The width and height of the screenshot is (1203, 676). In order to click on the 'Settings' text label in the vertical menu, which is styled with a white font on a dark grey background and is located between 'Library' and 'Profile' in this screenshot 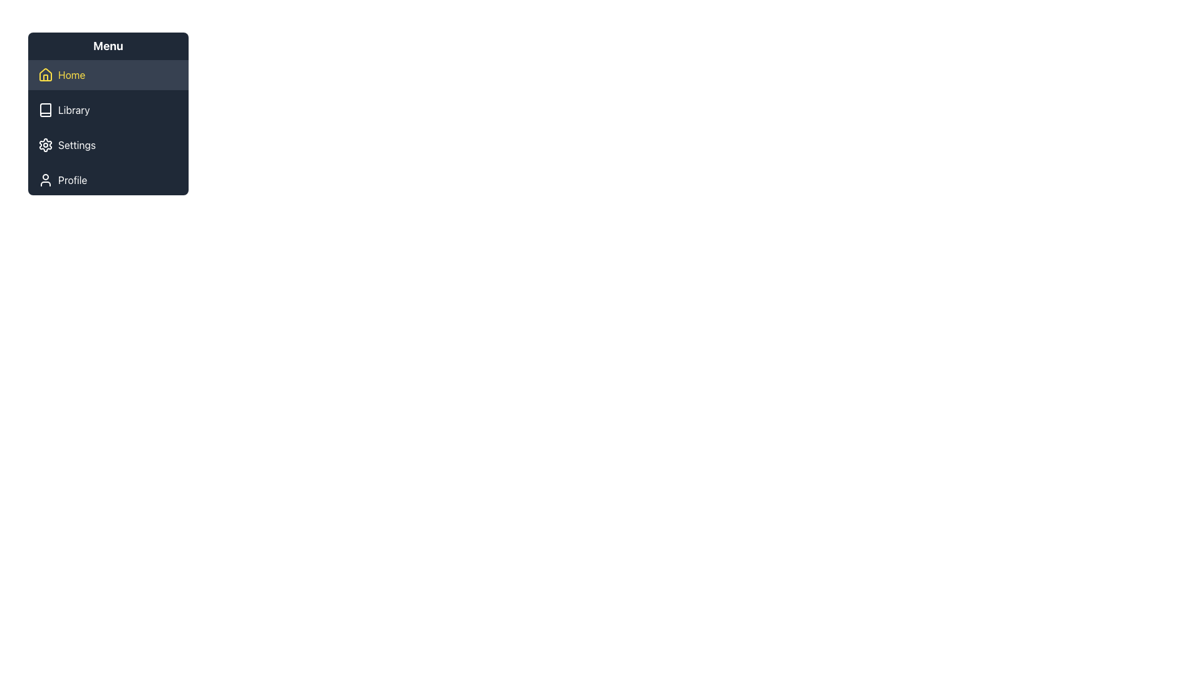, I will do `click(76, 144)`.